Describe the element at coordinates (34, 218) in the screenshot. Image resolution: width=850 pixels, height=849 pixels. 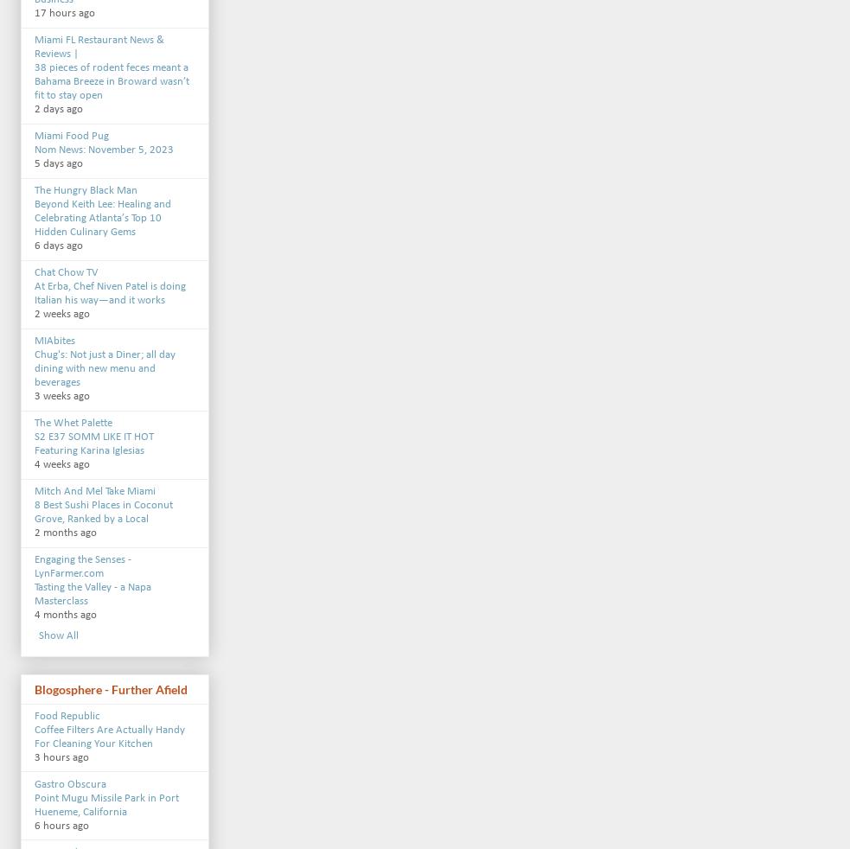
I see `'Beyond Keith Lee: Healing and Celebrating Atlanta’s Top 10 Hidden Culinary Gems'` at that location.